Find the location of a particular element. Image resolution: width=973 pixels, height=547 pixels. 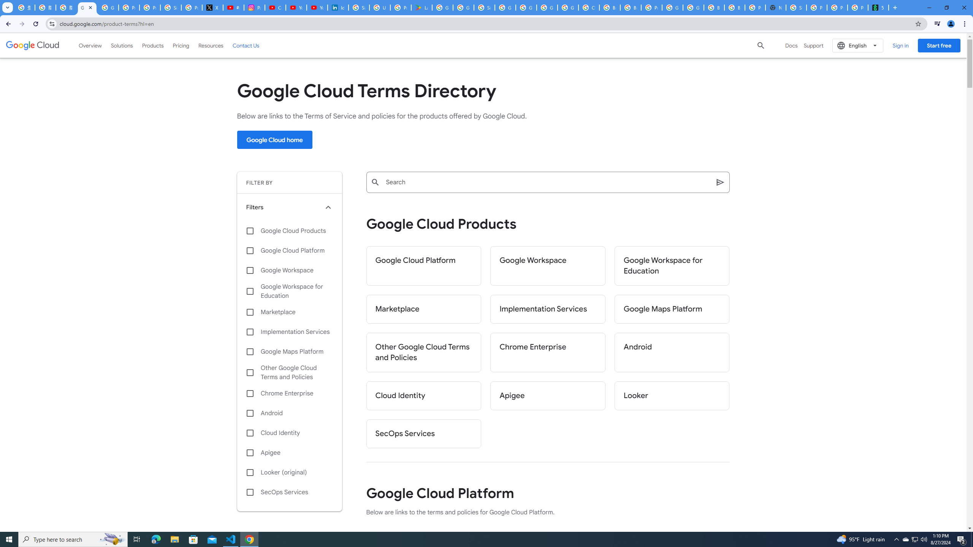

'X' is located at coordinates (212, 7).